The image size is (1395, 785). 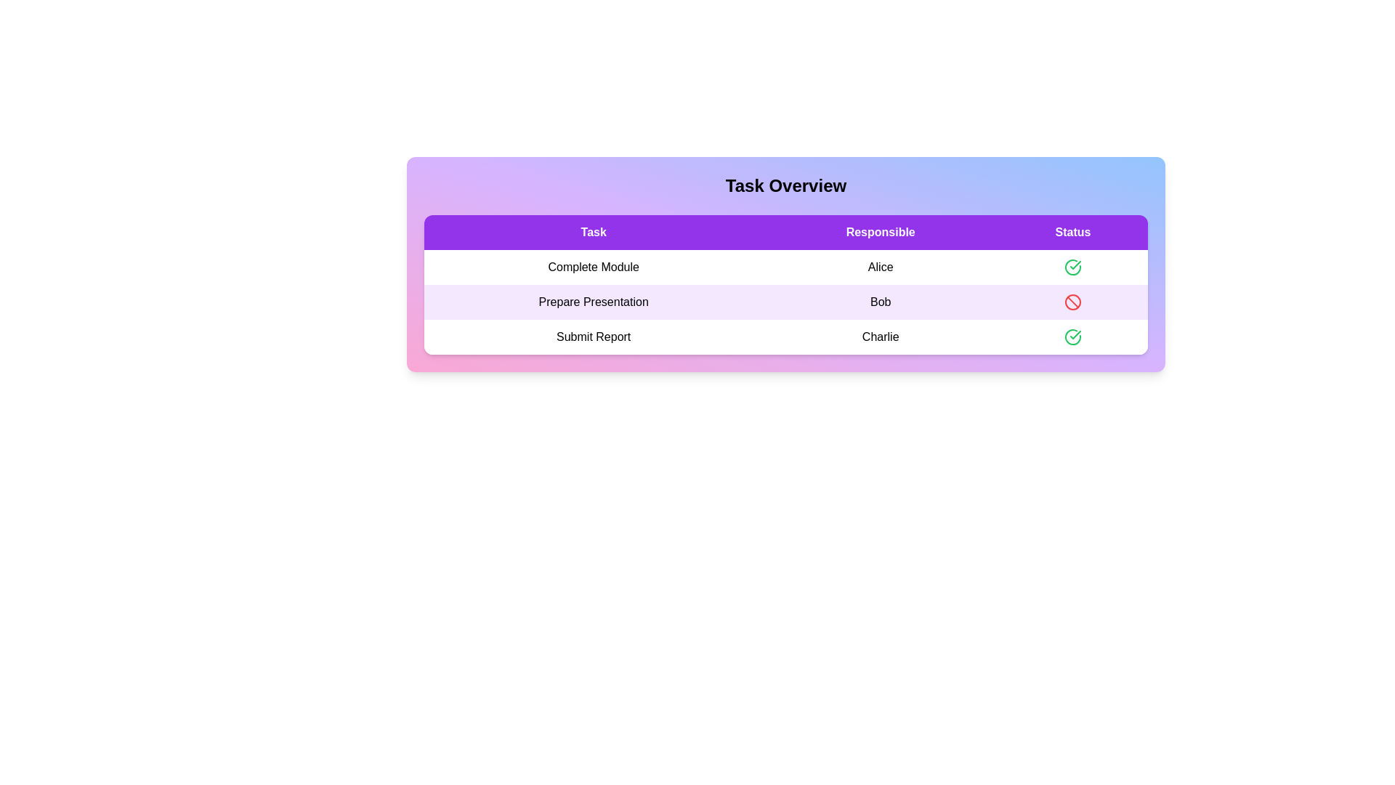 What do you see at coordinates (1075, 265) in the screenshot?
I see `the small green checkmark icon within the circular icon, representing success or completion, located near the status column for 'Charlie' in the 'Task Overview' table` at bounding box center [1075, 265].